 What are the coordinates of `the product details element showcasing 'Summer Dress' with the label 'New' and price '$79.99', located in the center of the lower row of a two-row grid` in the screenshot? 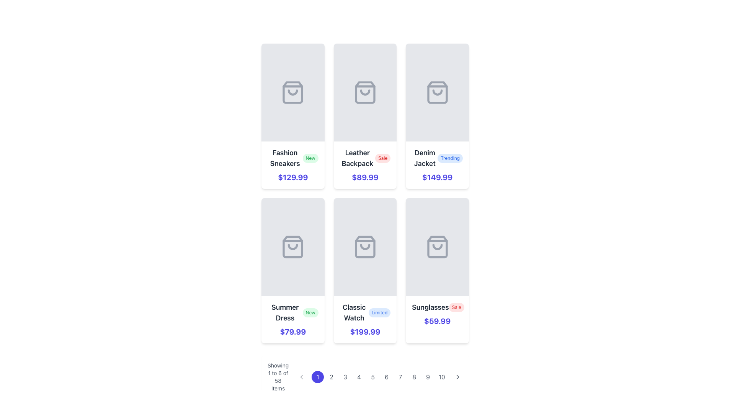 It's located at (292, 320).